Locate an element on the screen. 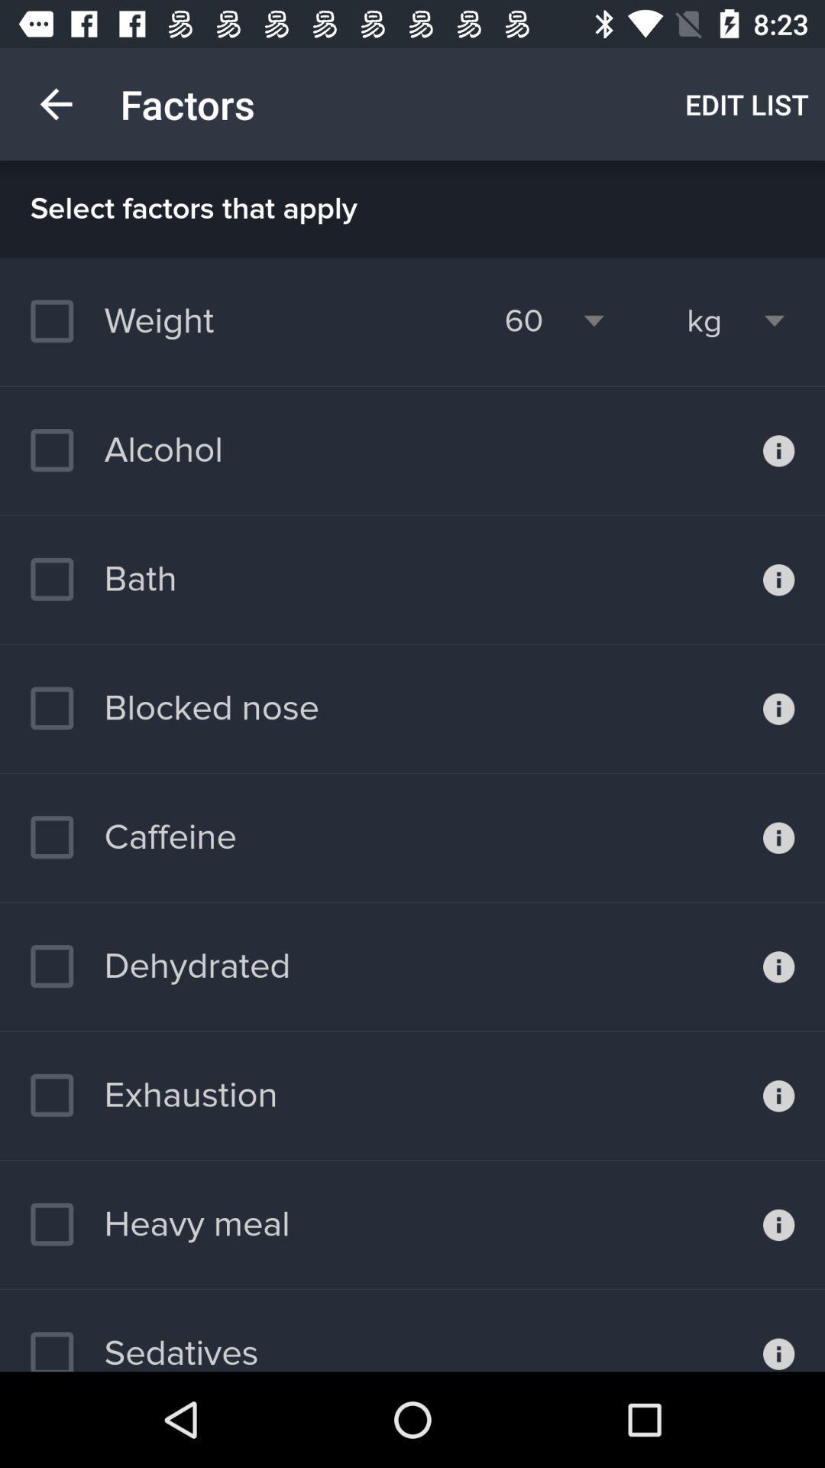 The height and width of the screenshot is (1468, 825). more information is located at coordinates (778, 450).